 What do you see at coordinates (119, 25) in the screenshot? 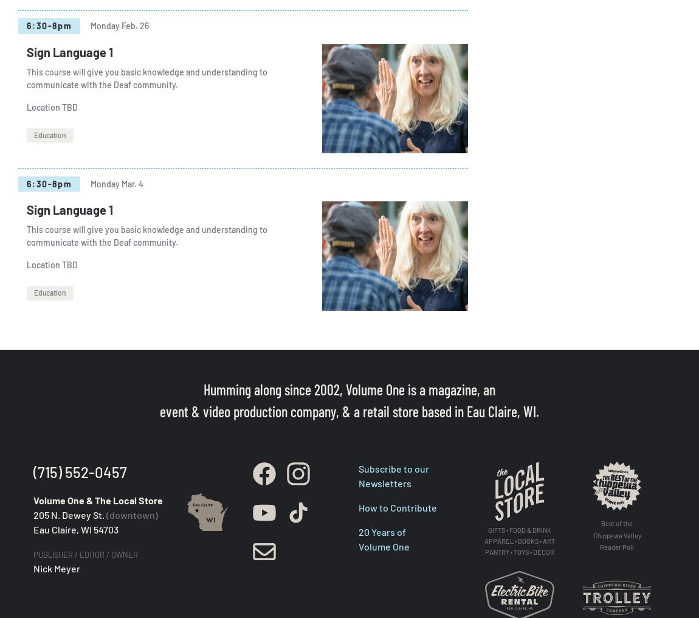
I see `'Monday Feb. 26'` at bounding box center [119, 25].